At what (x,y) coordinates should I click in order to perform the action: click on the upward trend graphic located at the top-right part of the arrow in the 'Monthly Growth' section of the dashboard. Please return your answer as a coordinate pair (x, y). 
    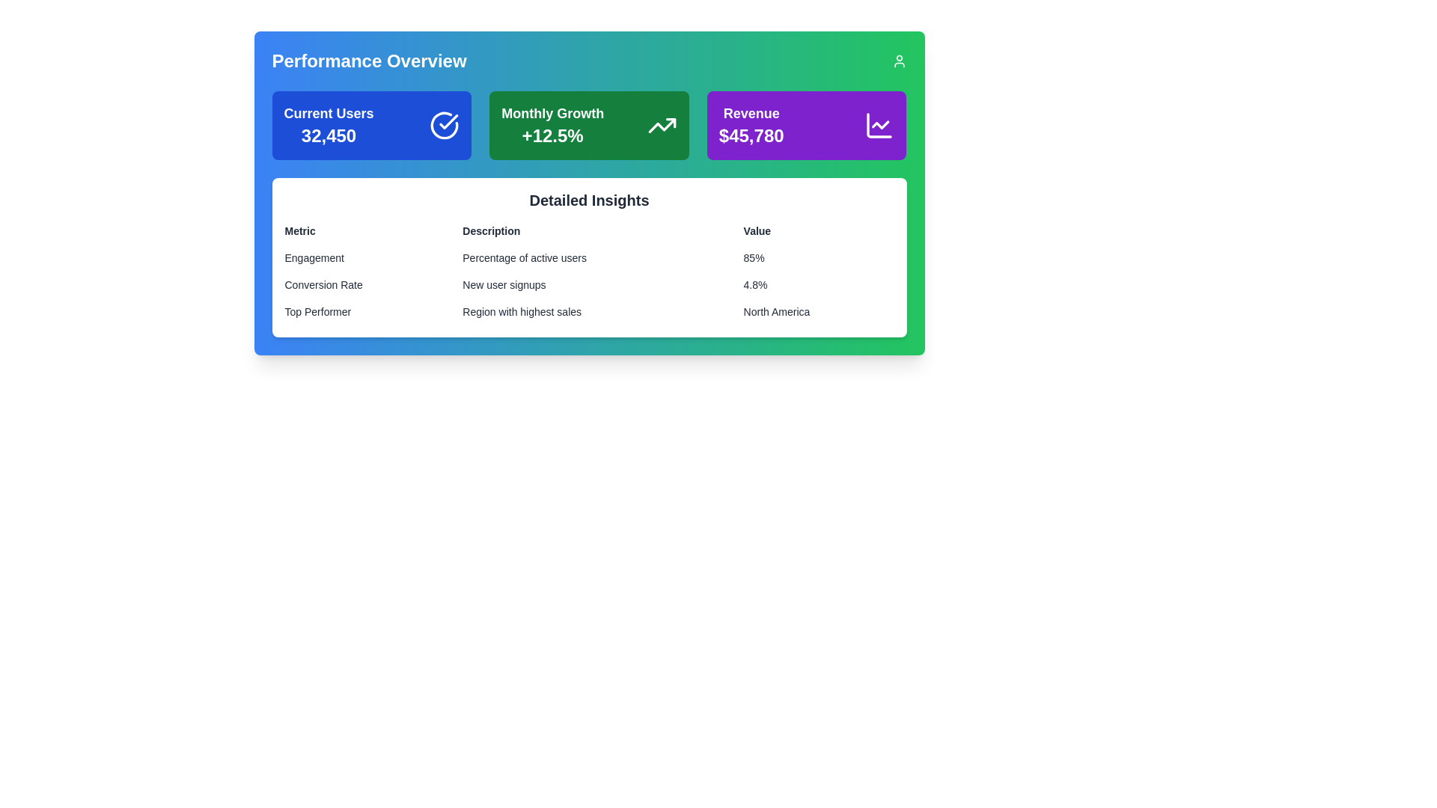
    Looking at the image, I should click on (670, 122).